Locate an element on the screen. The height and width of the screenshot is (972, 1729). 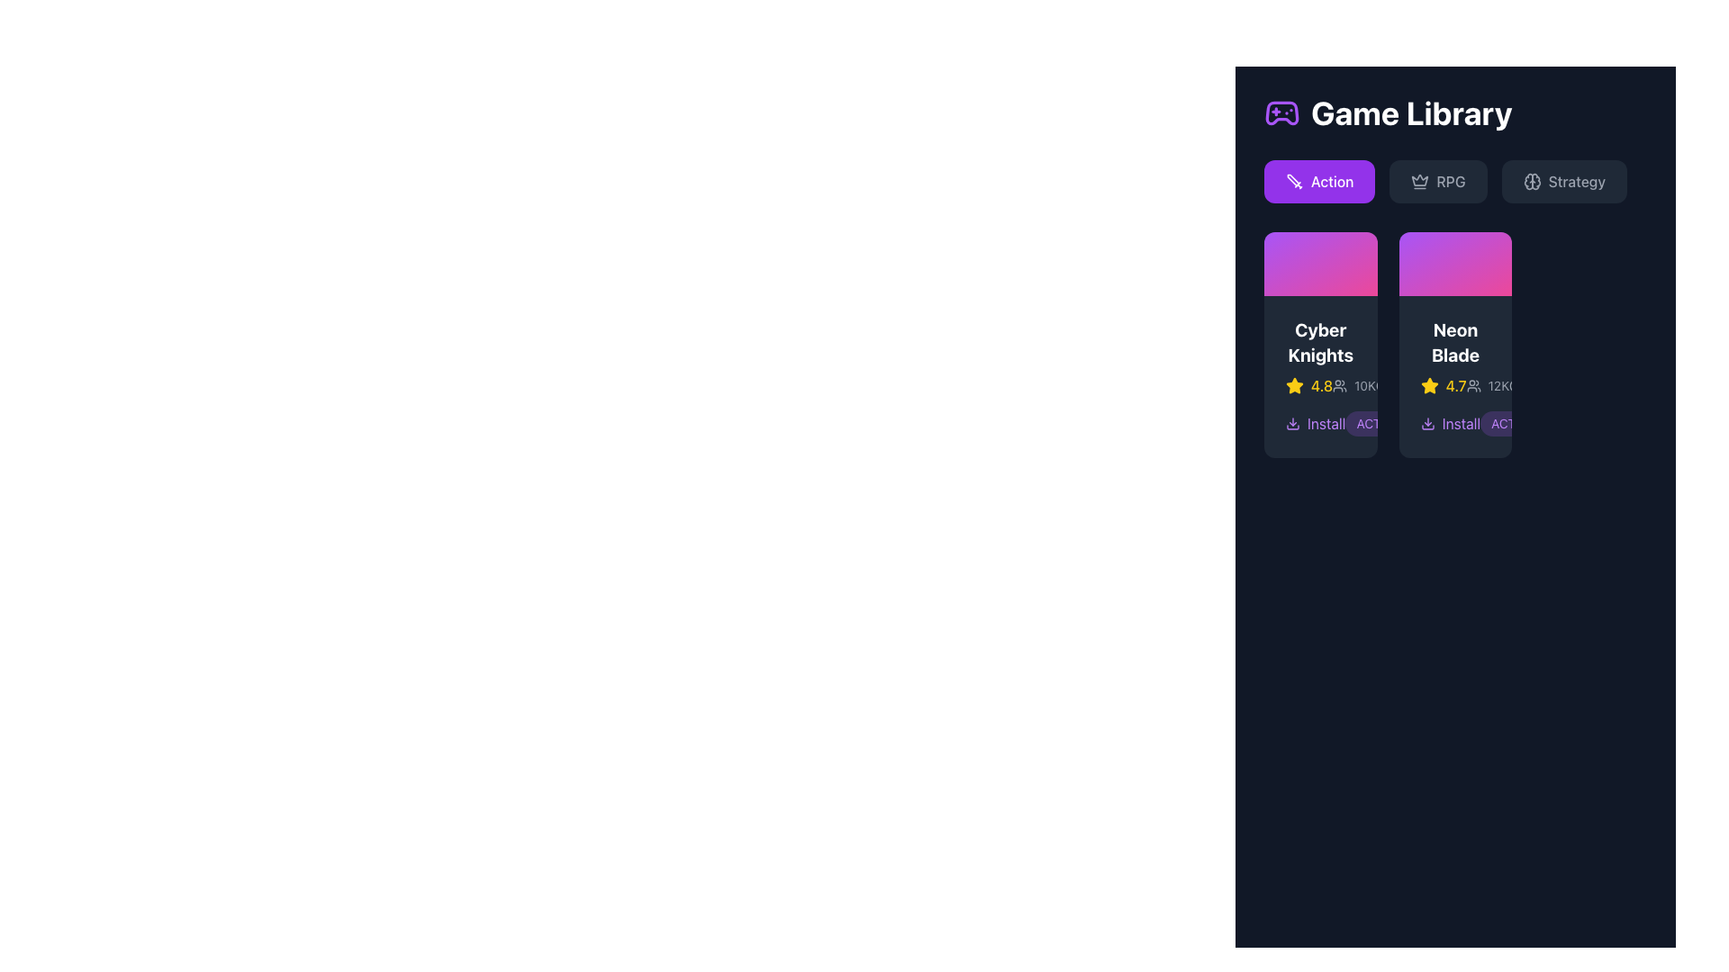
the 'Install' text label within the button located under the 'Cyber Knights' card in the Game Library is located at coordinates (1326, 423).